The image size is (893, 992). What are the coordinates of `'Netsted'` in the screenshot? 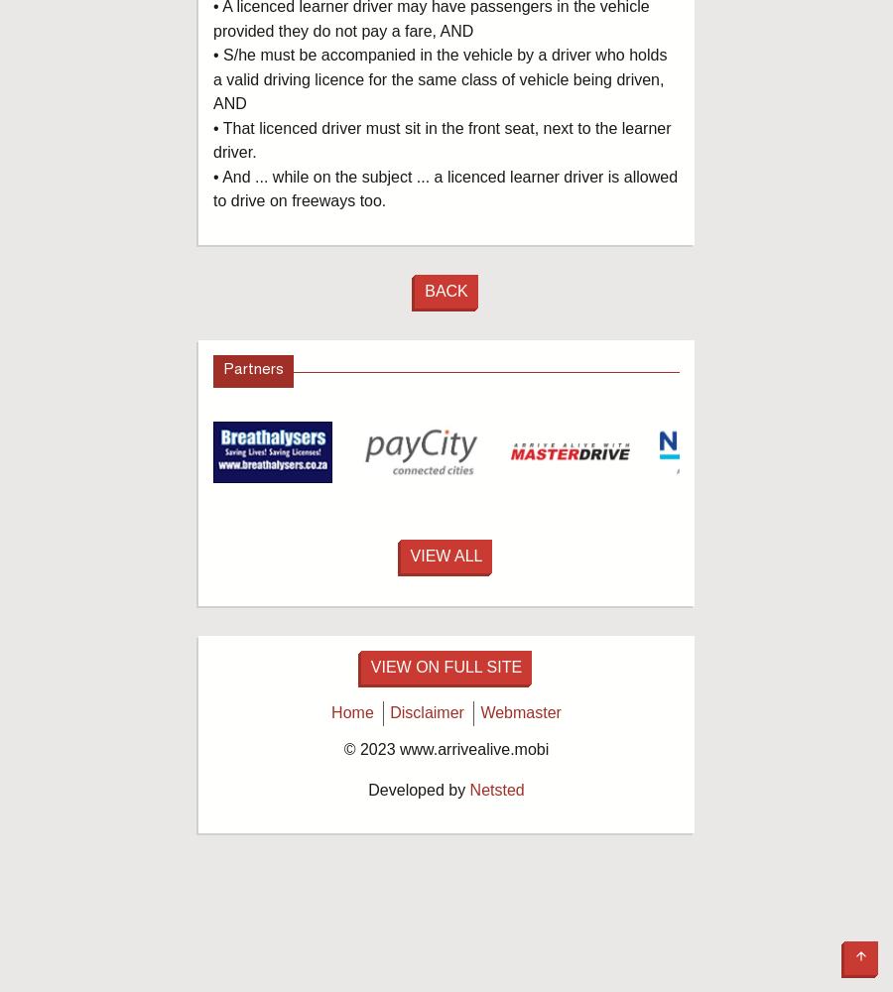 It's located at (495, 789).